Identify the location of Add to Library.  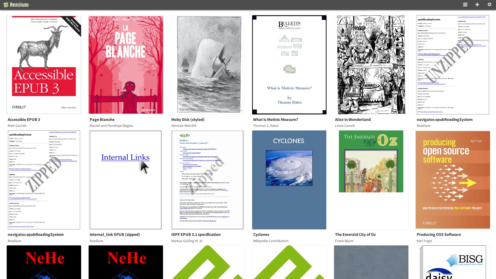
(477, 5).